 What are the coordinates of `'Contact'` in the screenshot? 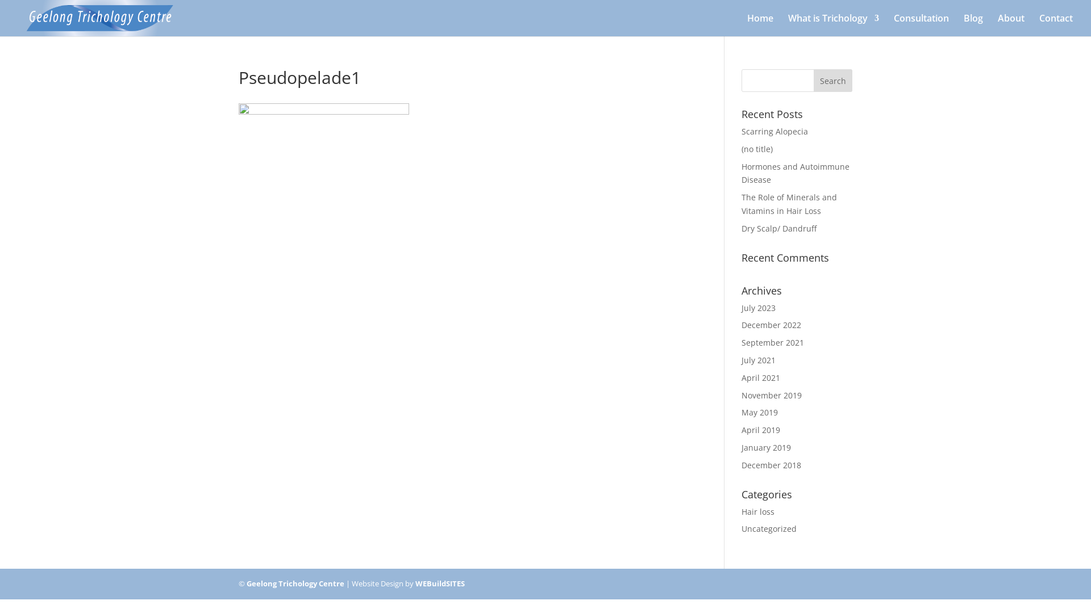 It's located at (1055, 25).